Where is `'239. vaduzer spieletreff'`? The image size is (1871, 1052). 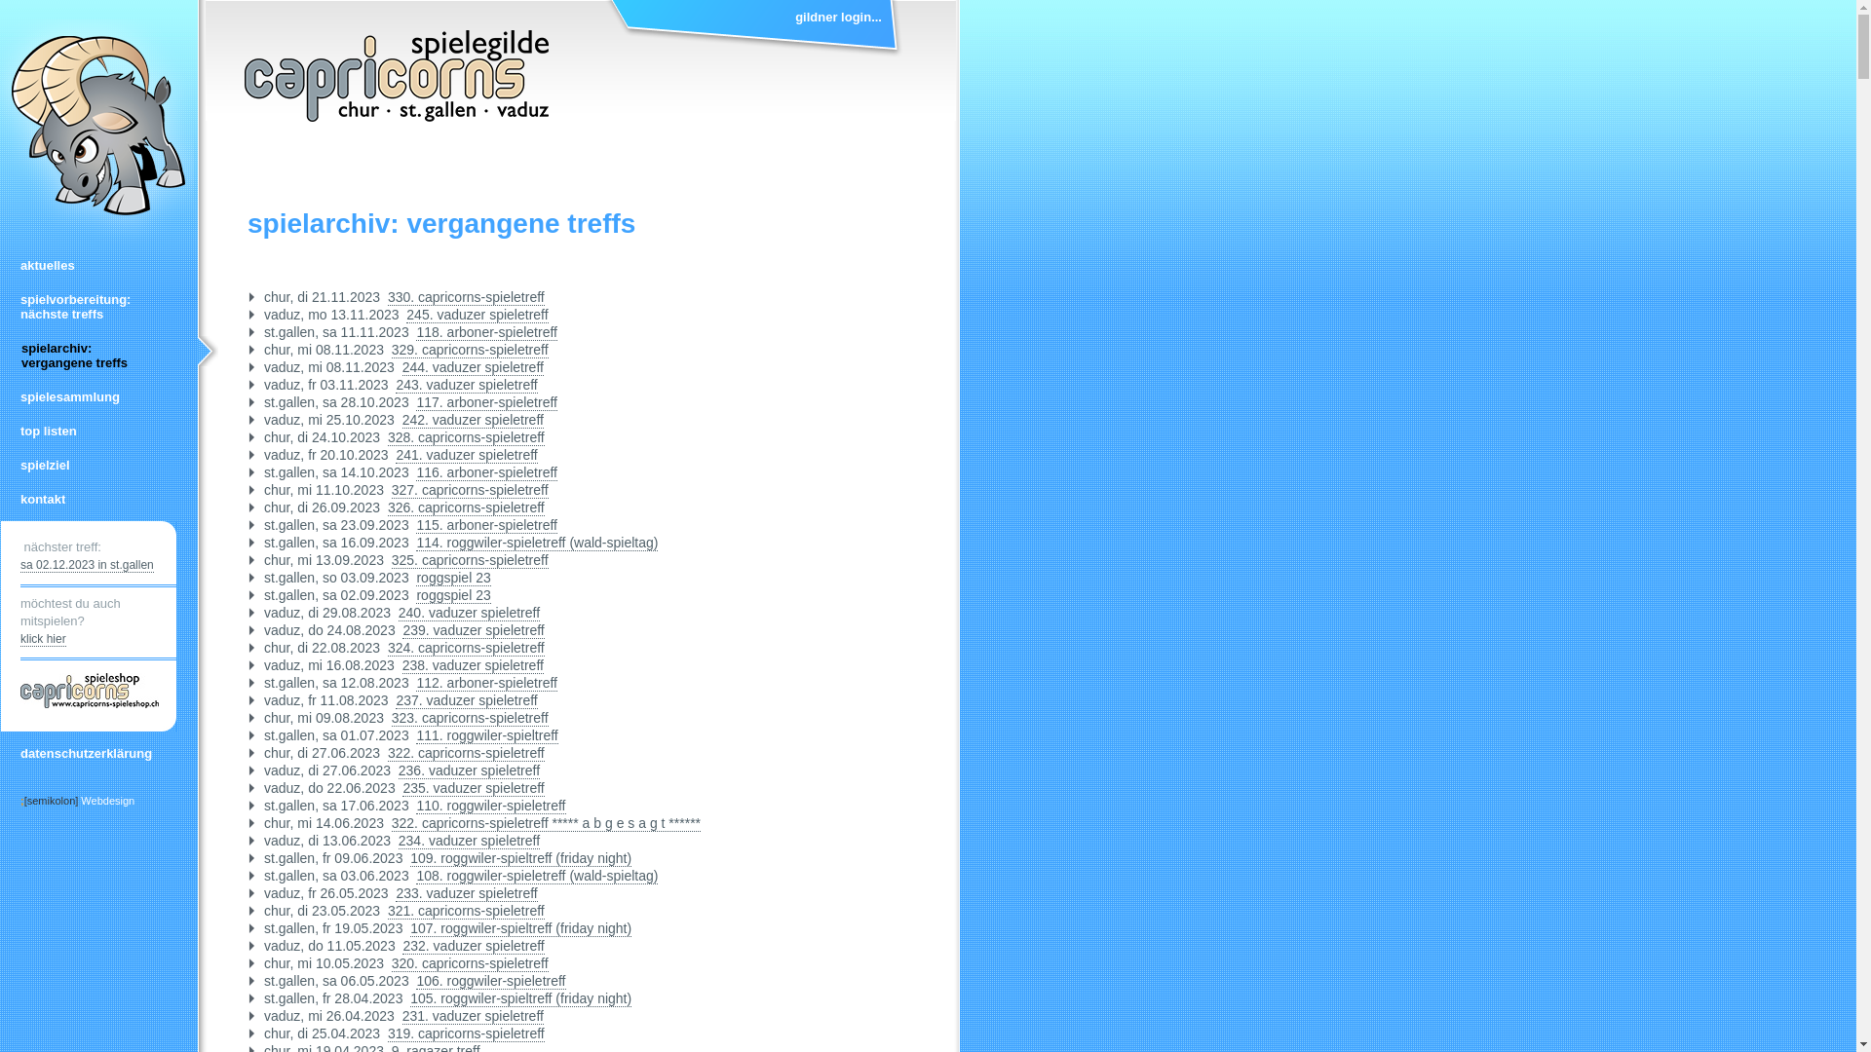 '239. vaduzer spieletreff' is located at coordinates (473, 630).